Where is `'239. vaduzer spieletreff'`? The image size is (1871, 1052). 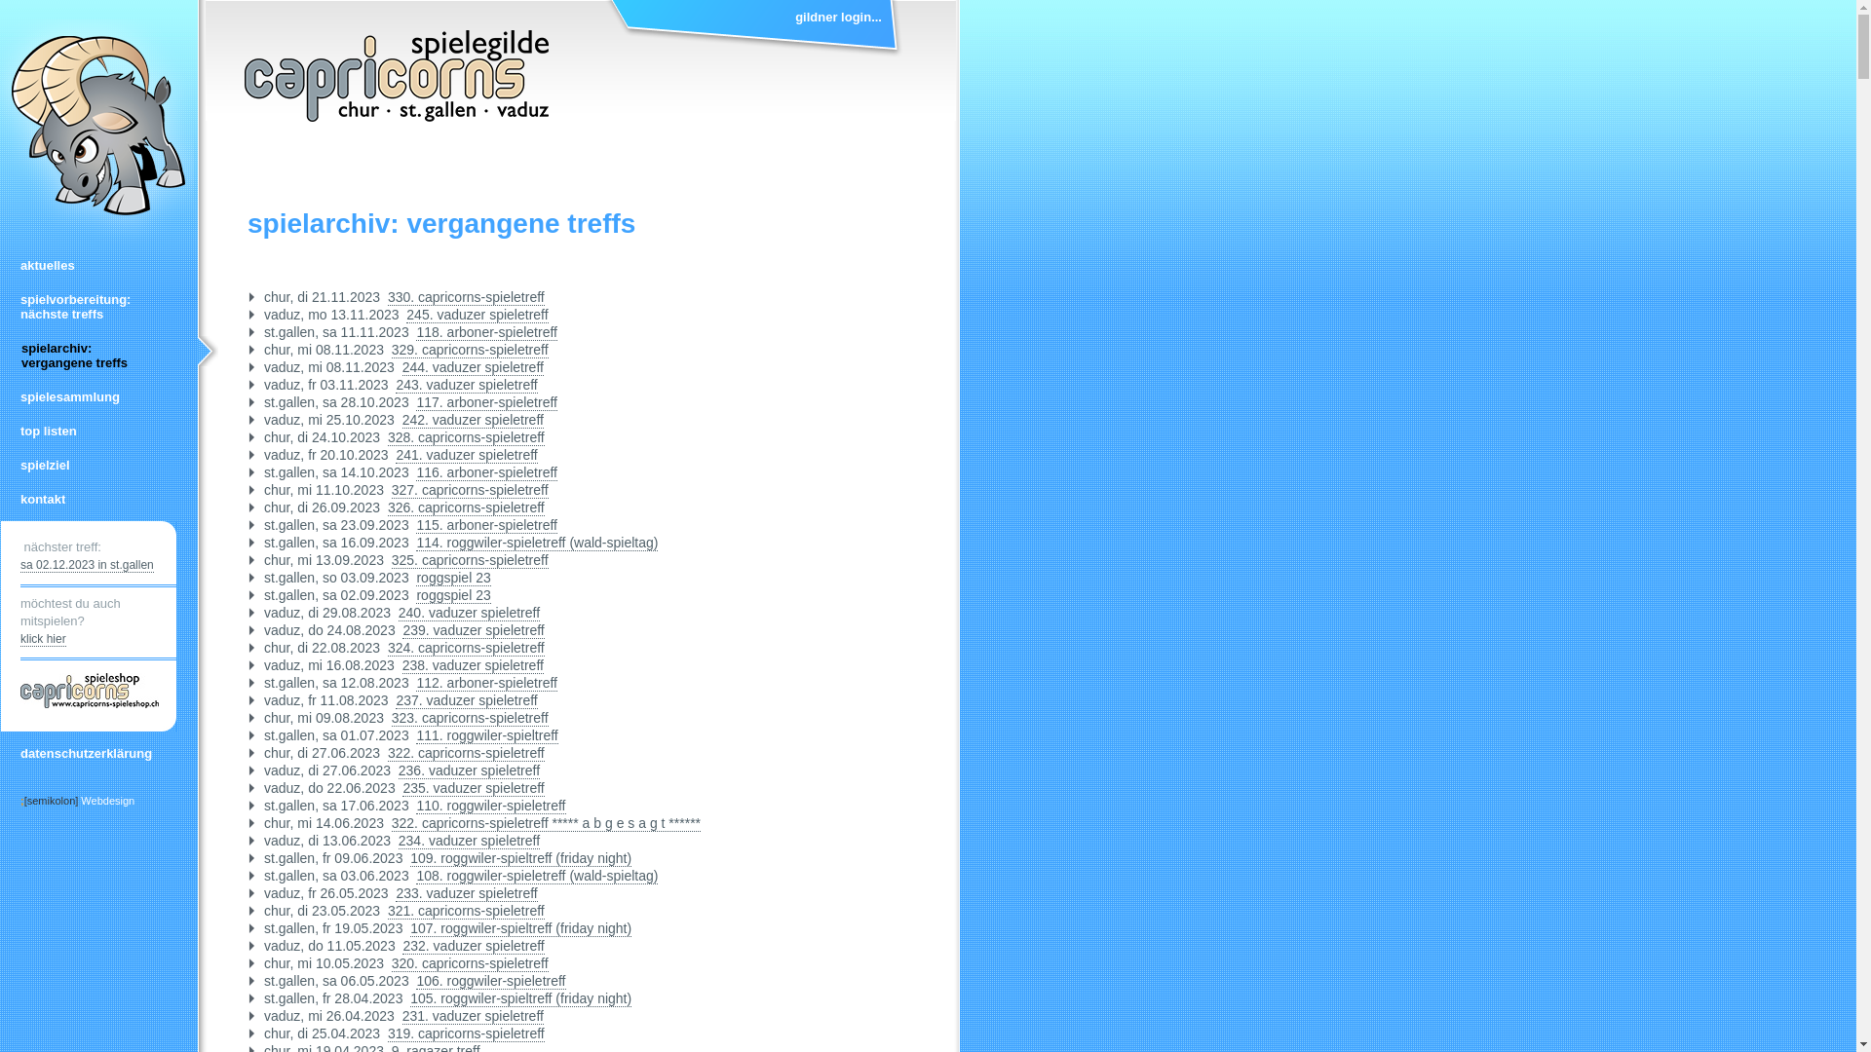 '239. vaduzer spieletreff' is located at coordinates (473, 630).